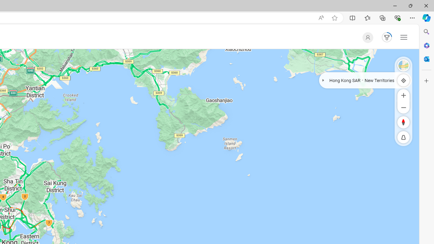 This screenshot has width=434, height=244. Describe the element at coordinates (403, 137) in the screenshot. I see `'Reset to Default Pitch'` at that location.